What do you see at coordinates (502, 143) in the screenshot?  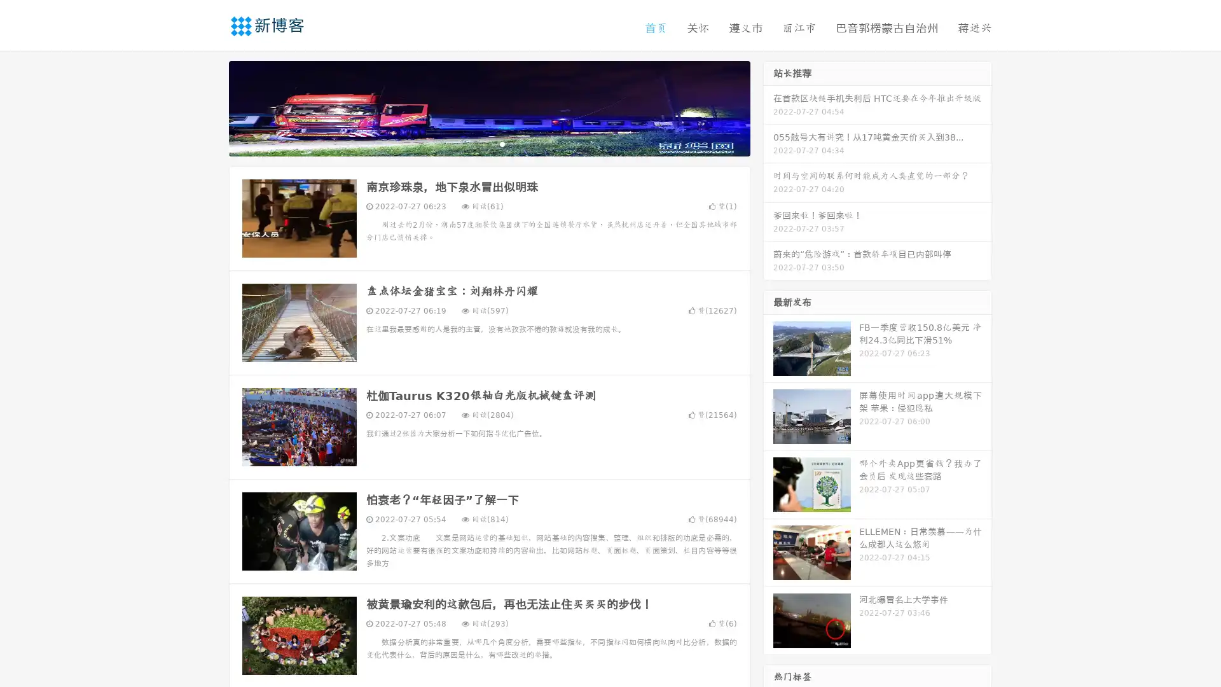 I see `Go to slide 3` at bounding box center [502, 143].